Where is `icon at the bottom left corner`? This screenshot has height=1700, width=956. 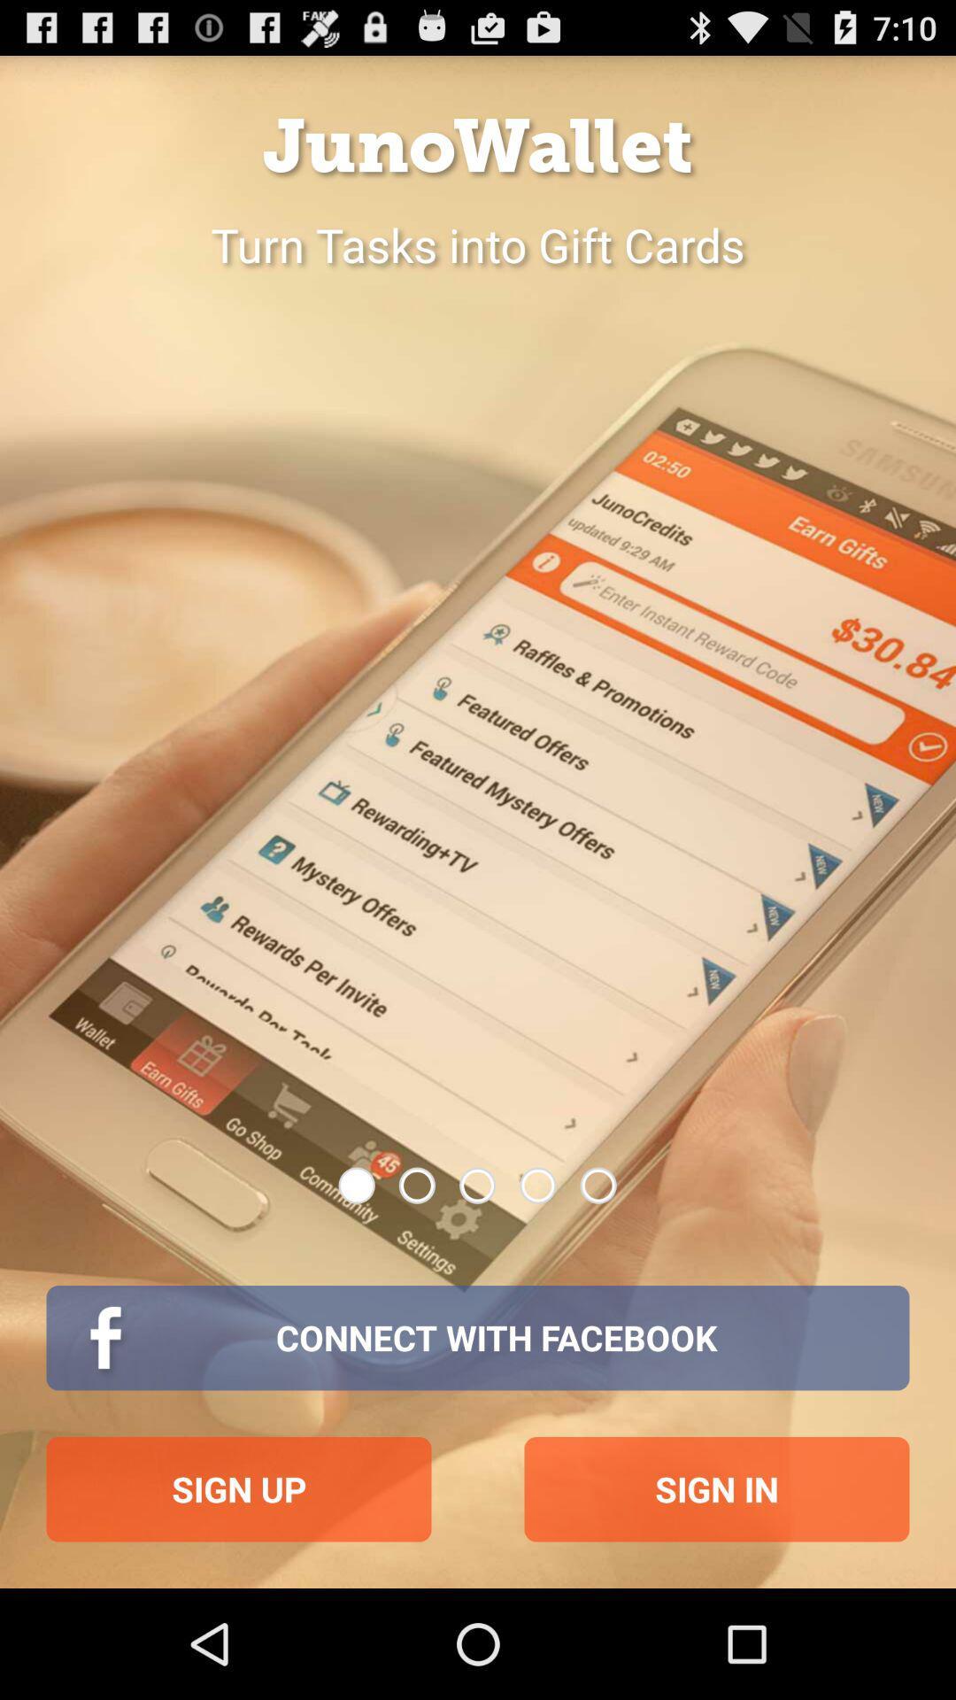
icon at the bottom left corner is located at coordinates (239, 1488).